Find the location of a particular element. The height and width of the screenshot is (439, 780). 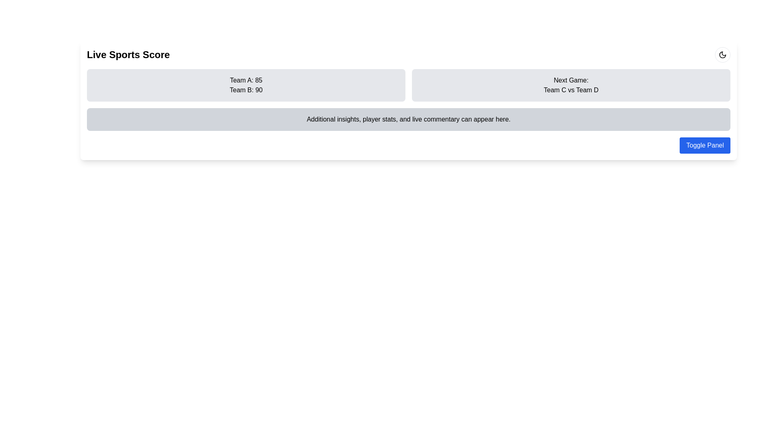

the static text element displaying 'Next Game:' in bold, located in the top-right section of the interface above 'Team C vs Team D' is located at coordinates (571, 80).